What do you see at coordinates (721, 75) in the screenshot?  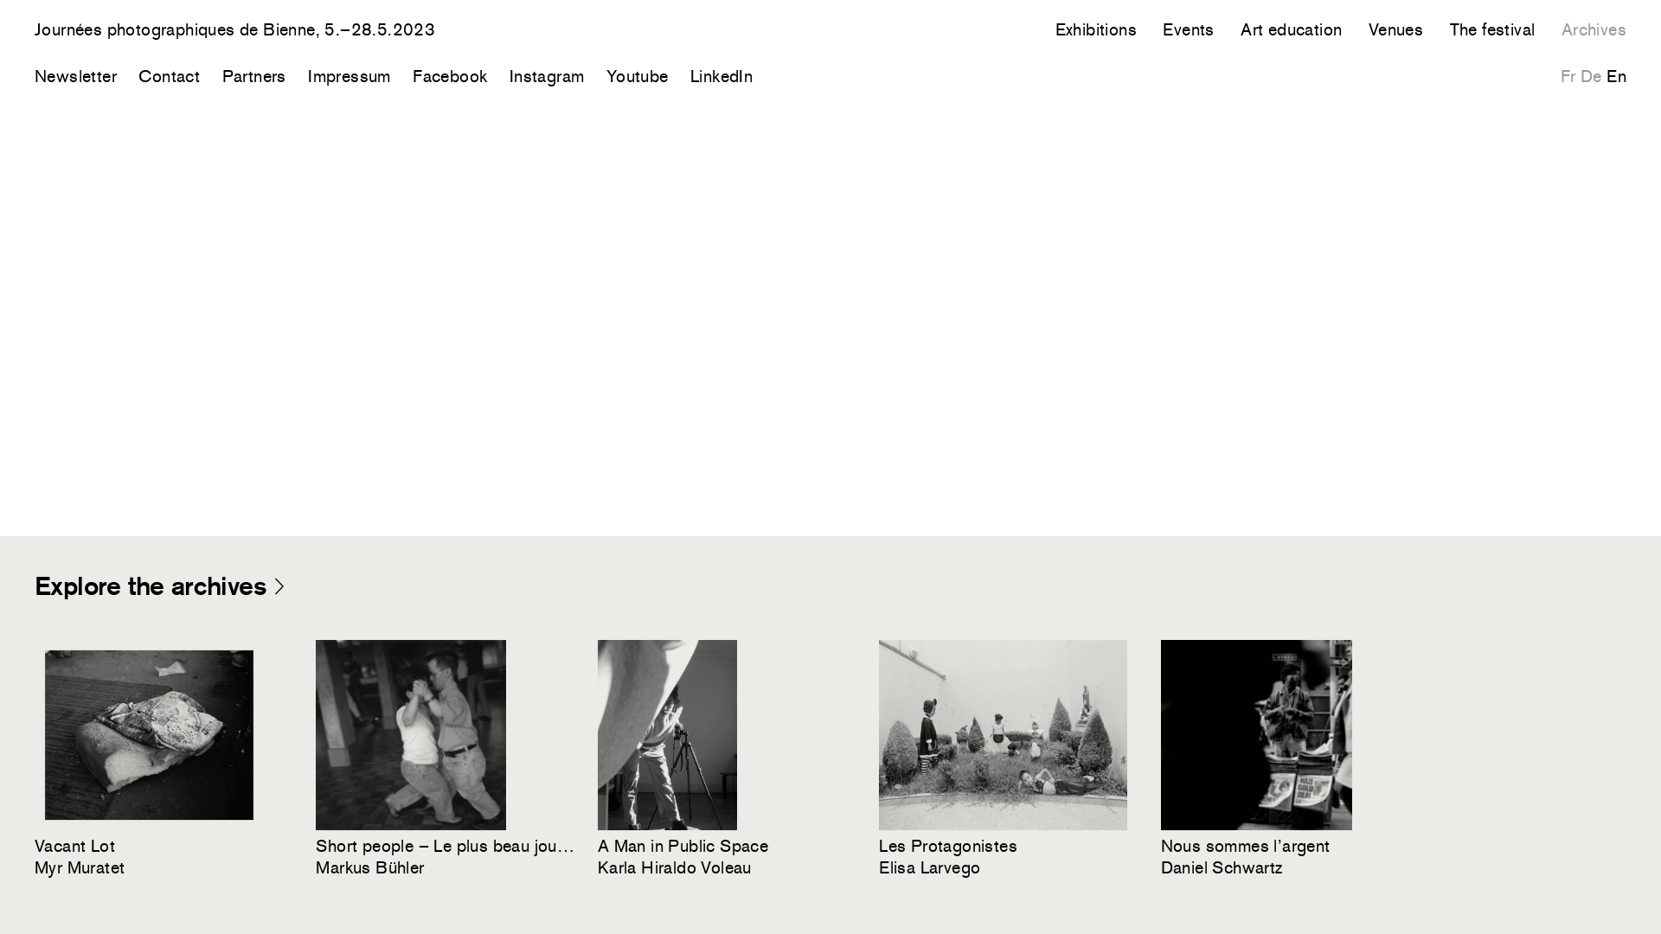 I see `'LinkedIn'` at bounding box center [721, 75].